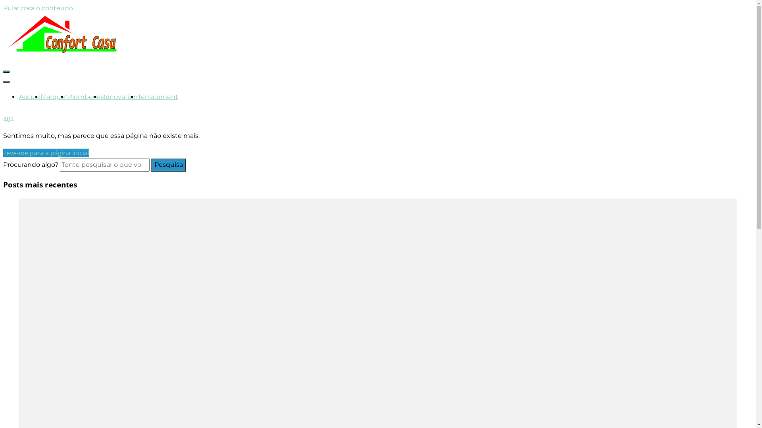 The height and width of the screenshot is (428, 762). What do you see at coordinates (158, 96) in the screenshot?
I see `'Terracement'` at bounding box center [158, 96].